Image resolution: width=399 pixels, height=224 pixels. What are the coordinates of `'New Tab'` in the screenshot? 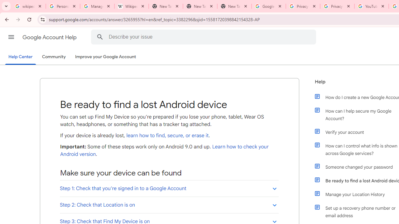 It's located at (234, 6).